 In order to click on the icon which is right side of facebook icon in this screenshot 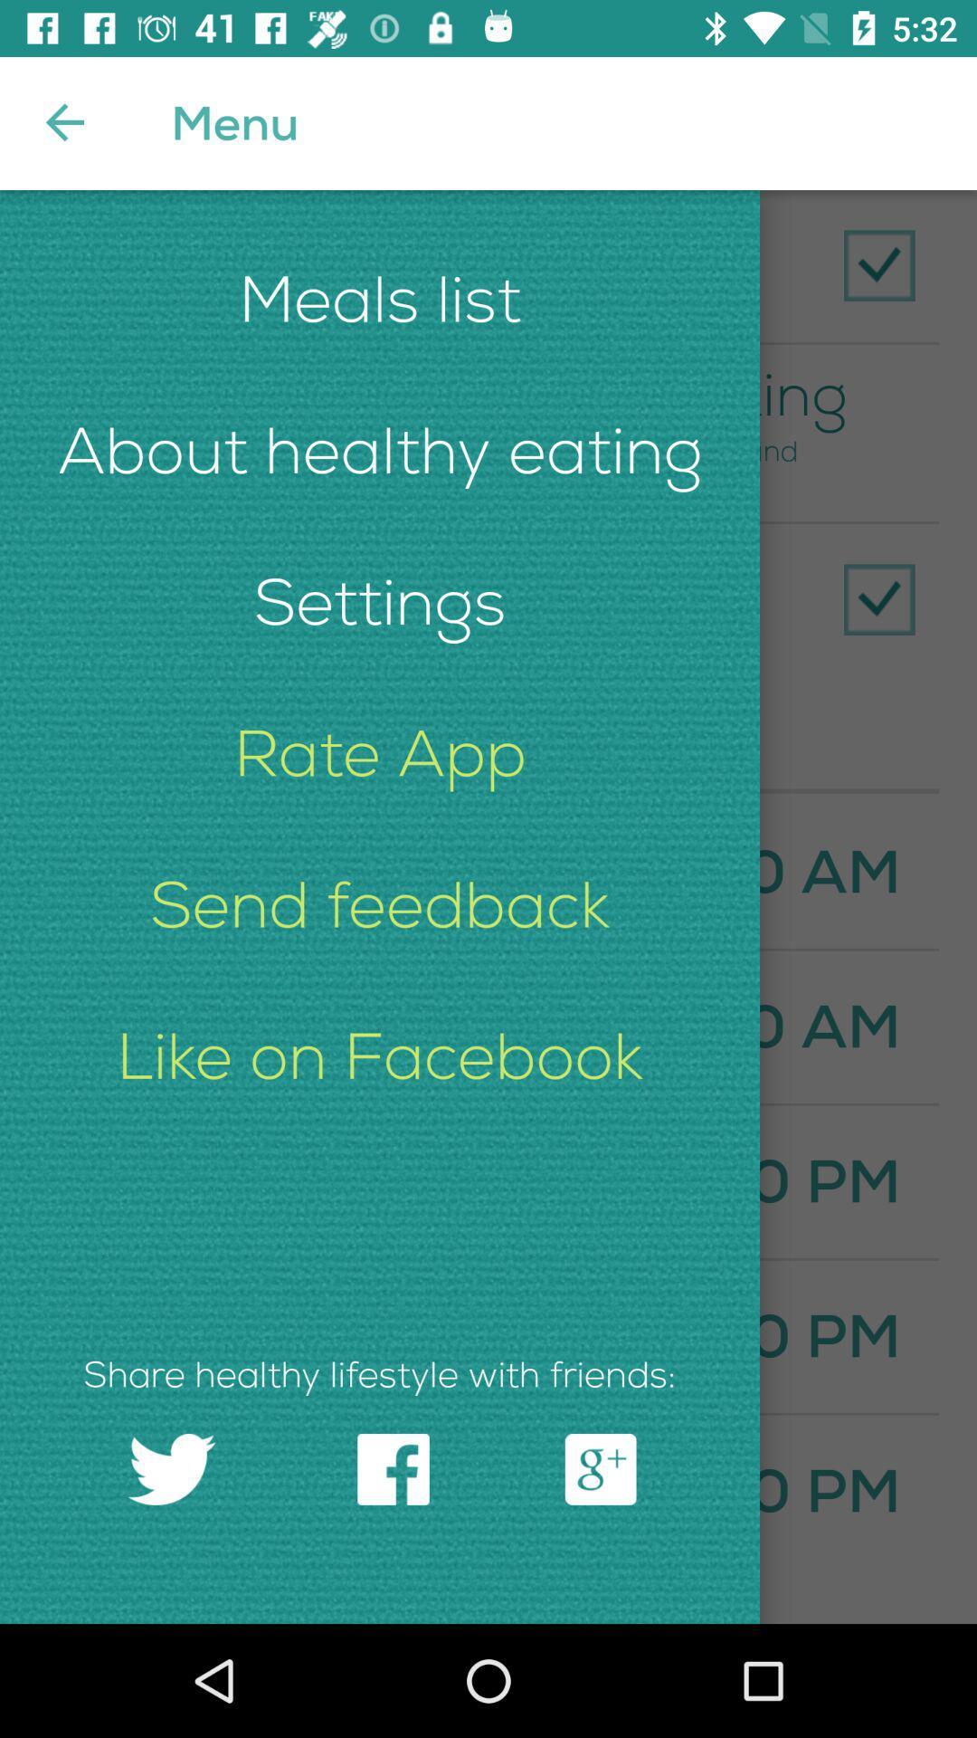, I will do `click(601, 1469)`.